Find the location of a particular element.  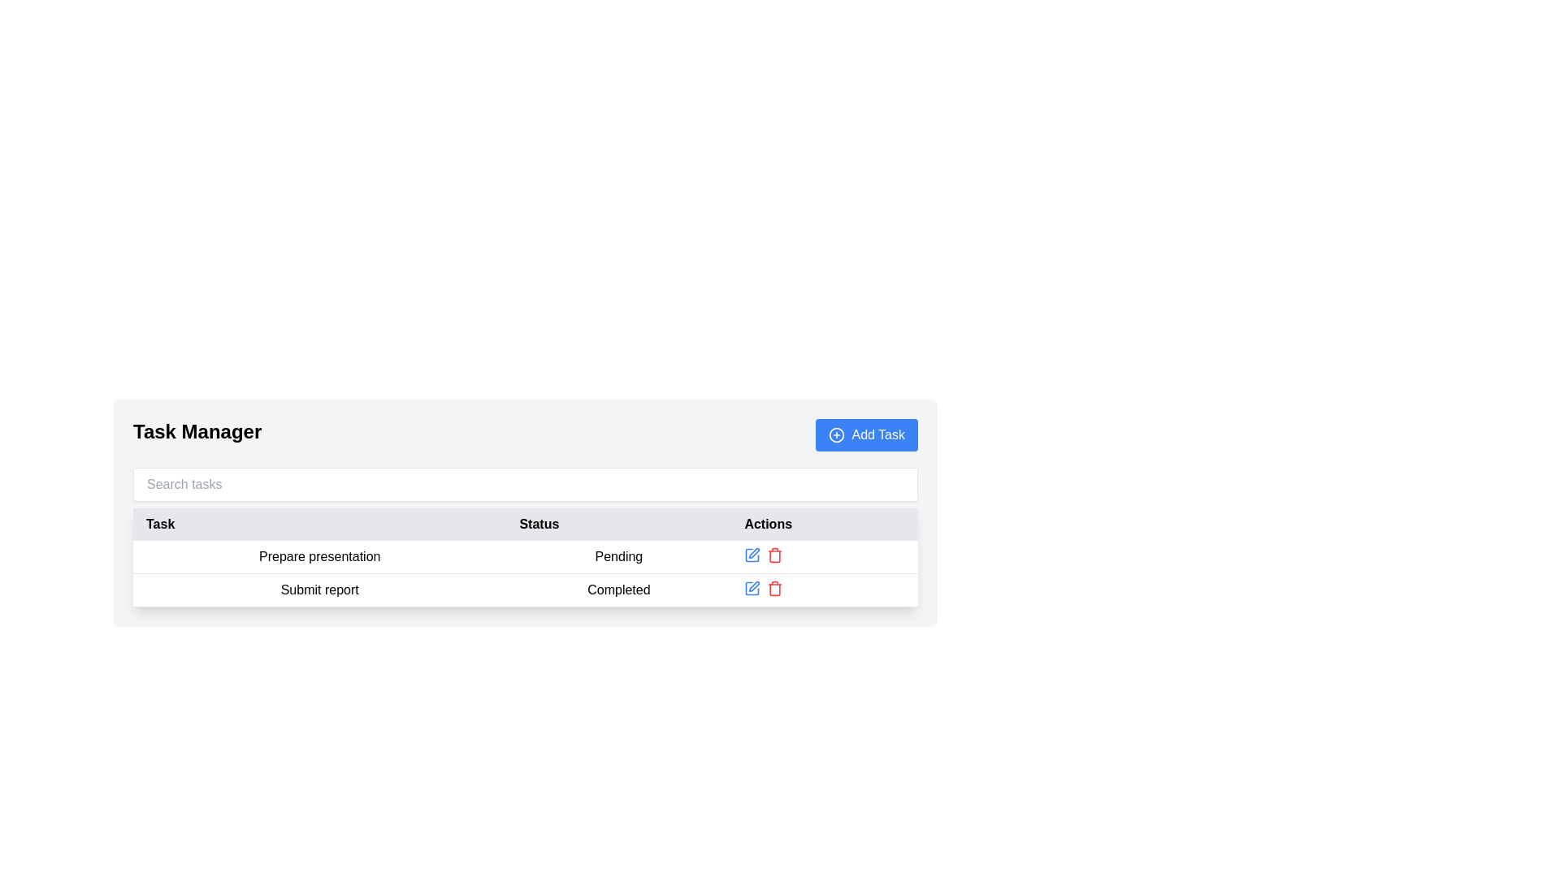

the SVG icon indicating the 'add' functionality within the 'Add Task' button located in the top-right corner of the interface is located at coordinates (837, 434).